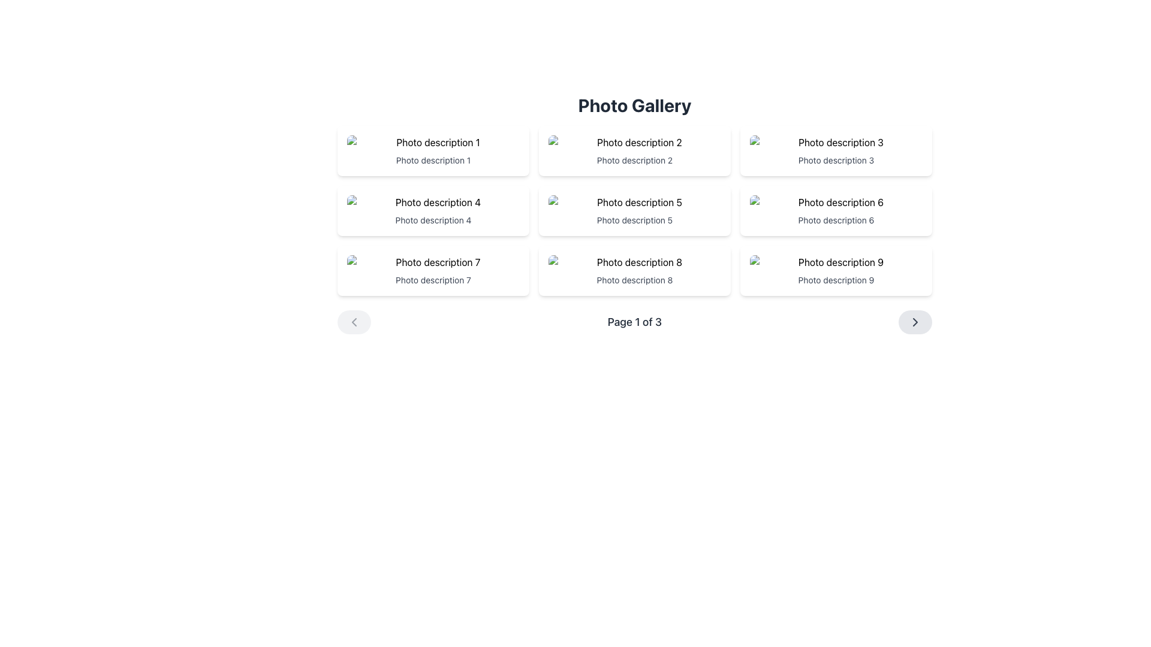 The image size is (1151, 647). What do you see at coordinates (634, 220) in the screenshot?
I see `the text label displaying 'Photo description 5' located beneath the image placeholder labeled 'Photo 5' in the central card of the second row in the photo gallery interface` at bounding box center [634, 220].